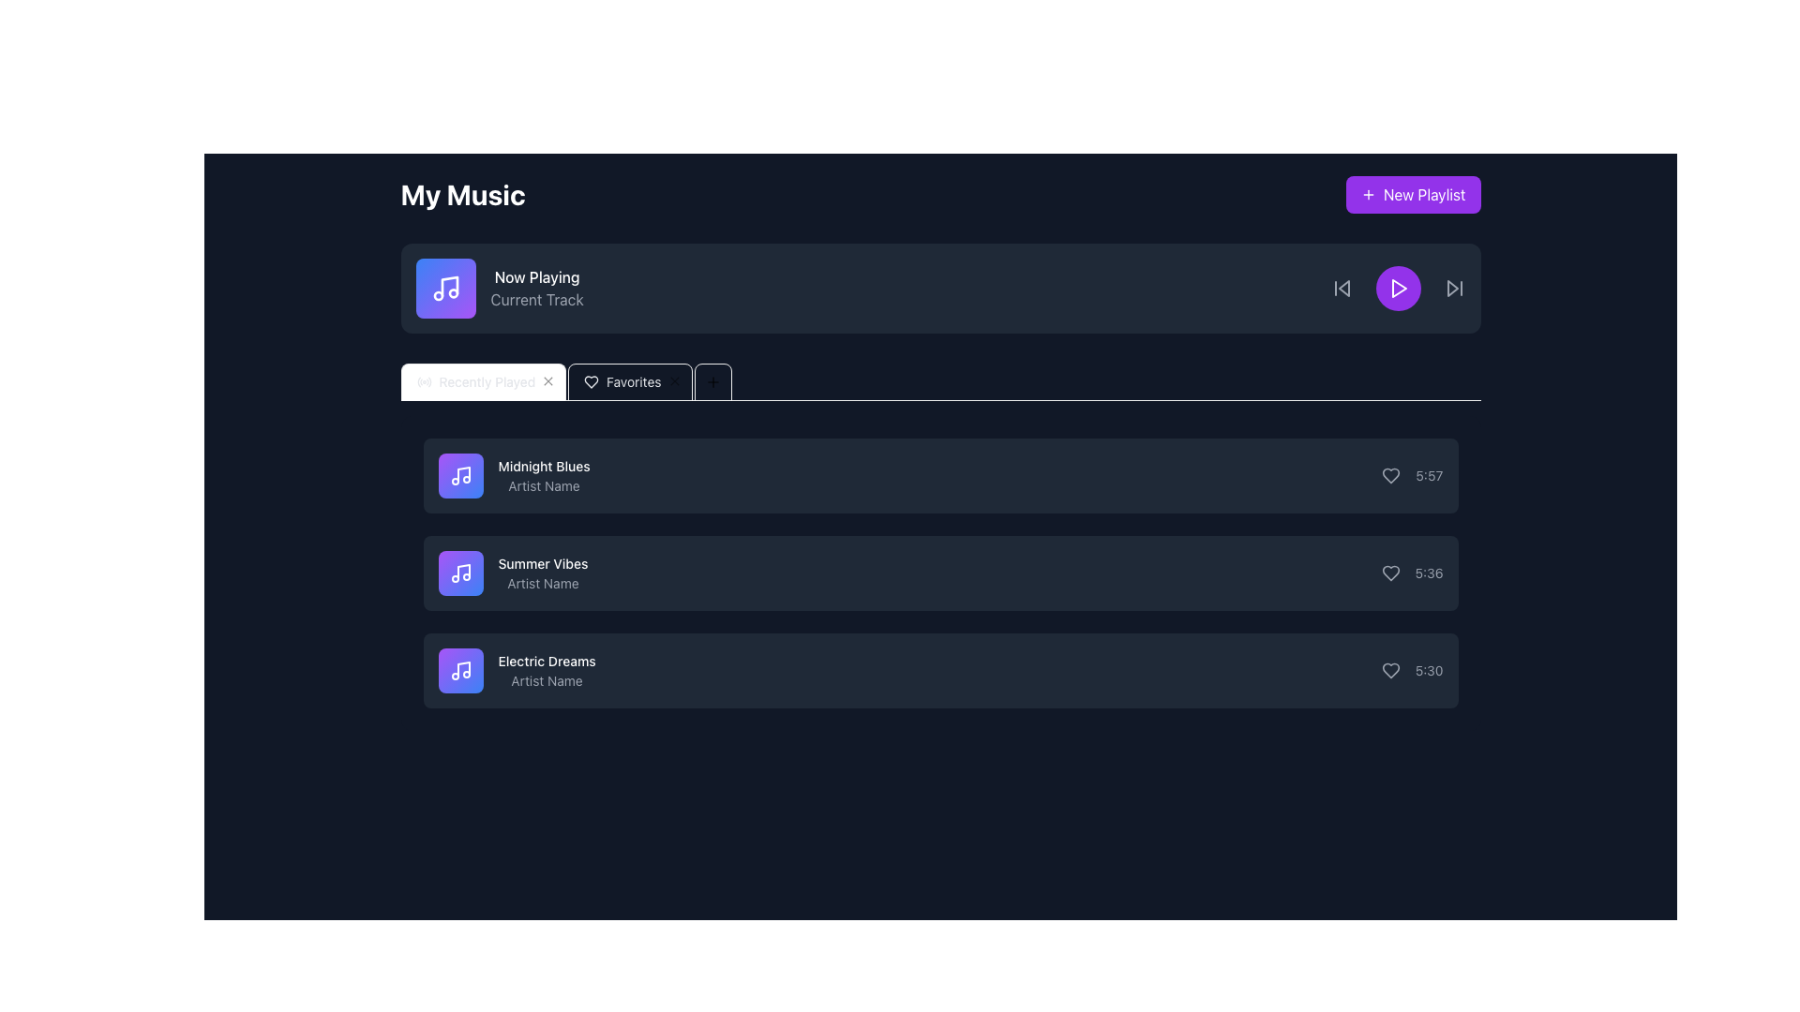  What do you see at coordinates (460, 670) in the screenshot?
I see `the Thumbnail button representing the music track 'Electric Dreams'` at bounding box center [460, 670].